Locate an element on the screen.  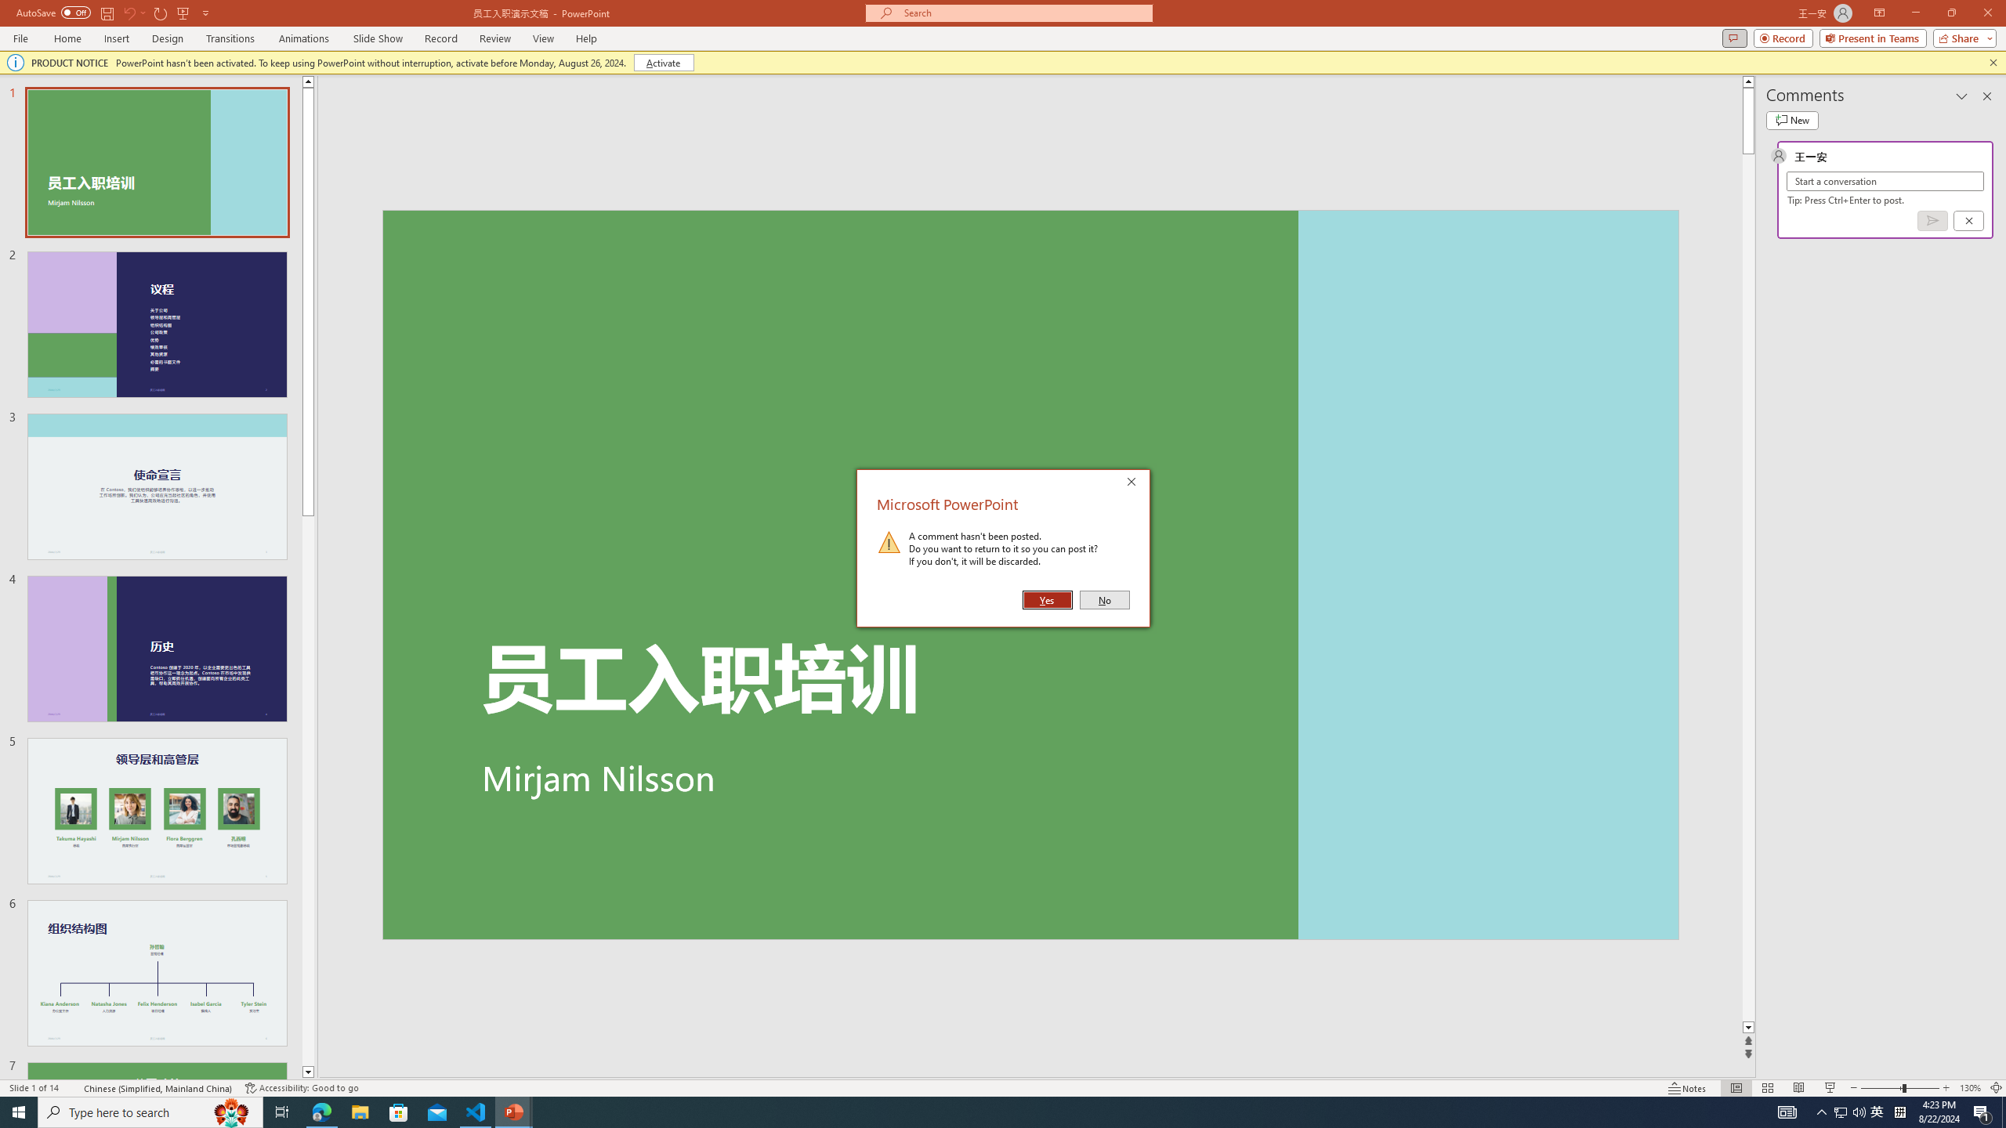
'Start a conversation' is located at coordinates (1885, 180).